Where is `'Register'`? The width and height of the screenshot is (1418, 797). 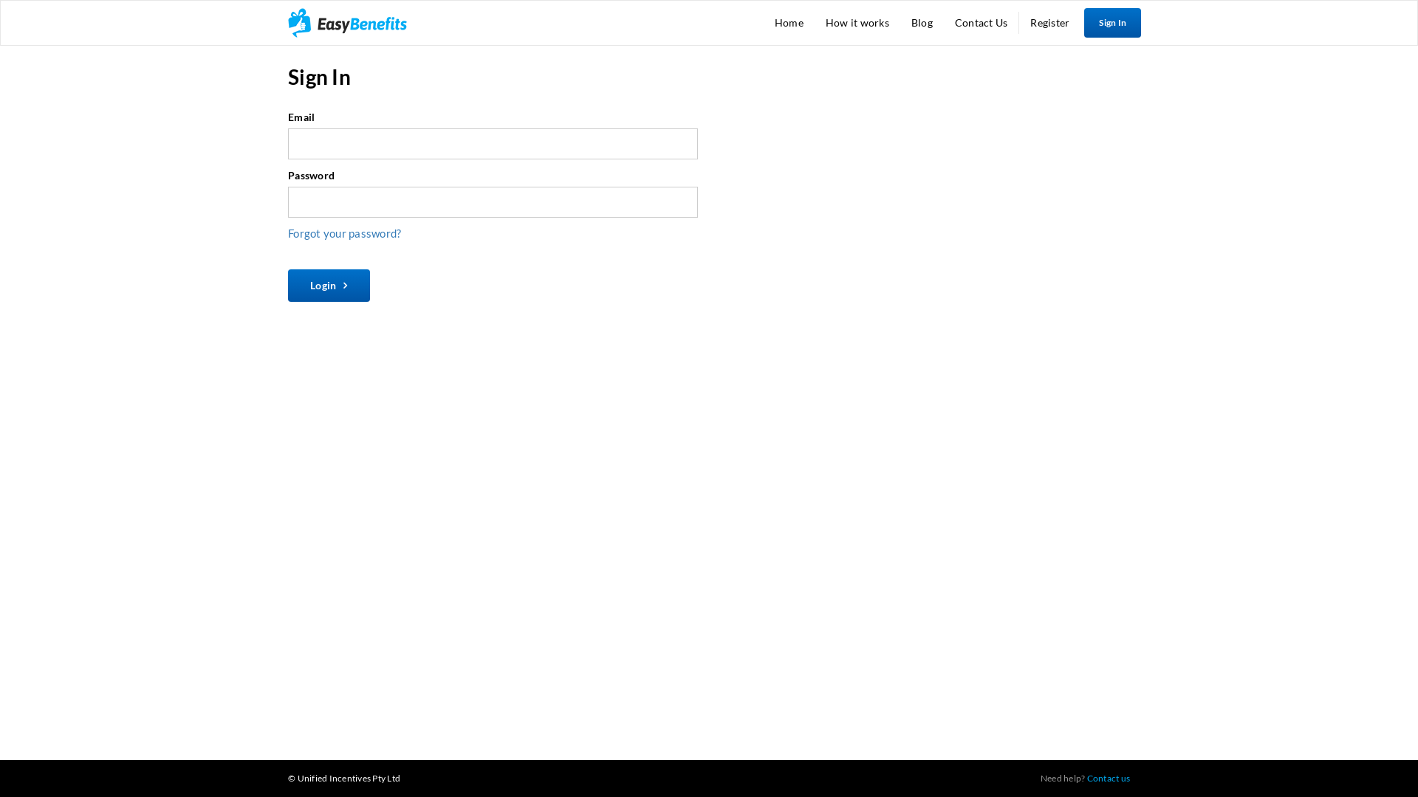 'Register' is located at coordinates (1049, 22).